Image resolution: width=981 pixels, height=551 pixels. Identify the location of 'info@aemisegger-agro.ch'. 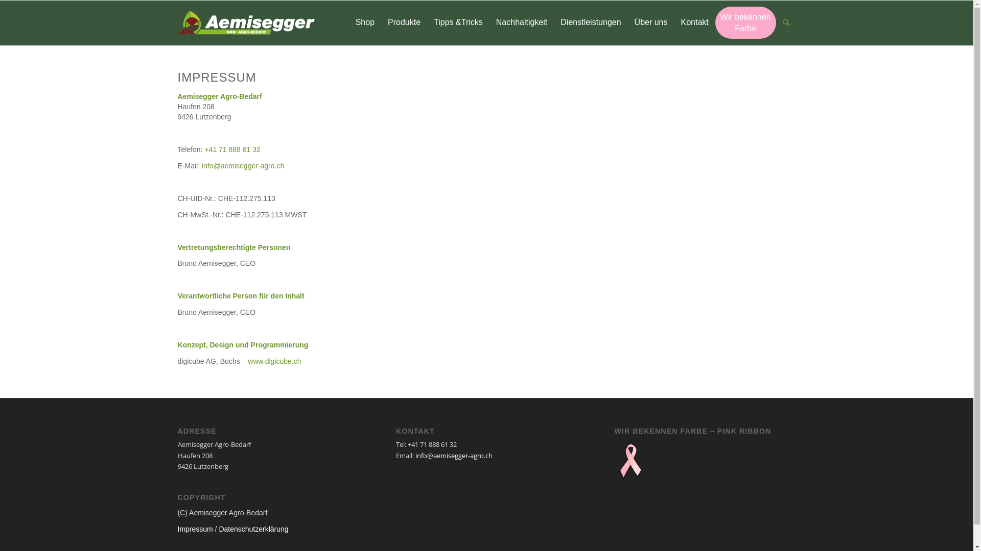
(453, 455).